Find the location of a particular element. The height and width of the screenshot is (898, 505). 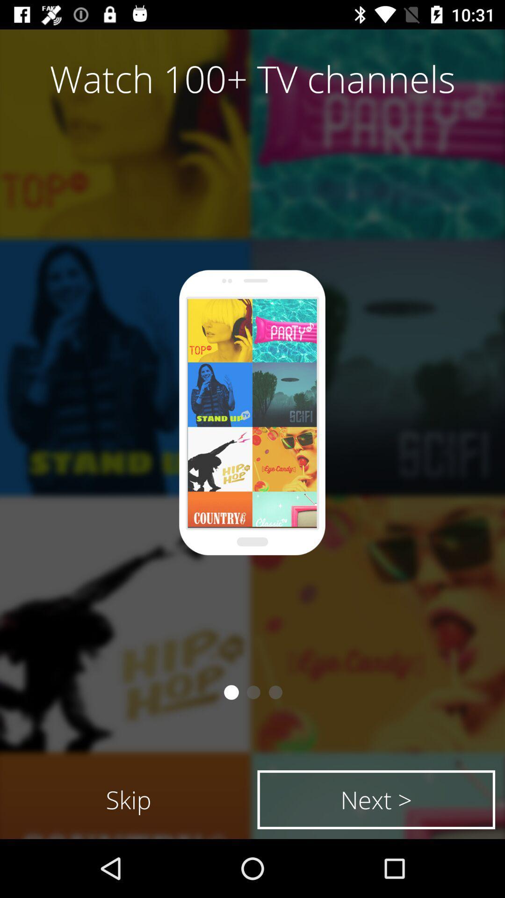

the skip is located at coordinates (129, 799).